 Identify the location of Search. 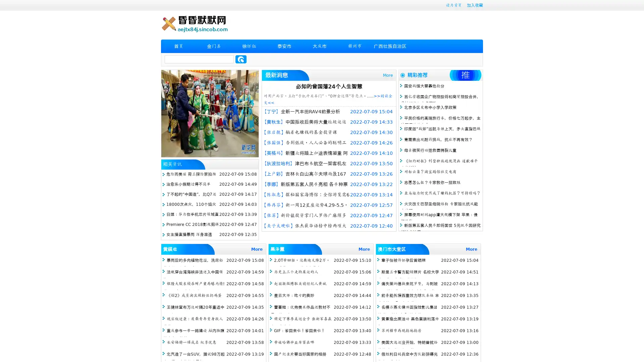
(241, 59).